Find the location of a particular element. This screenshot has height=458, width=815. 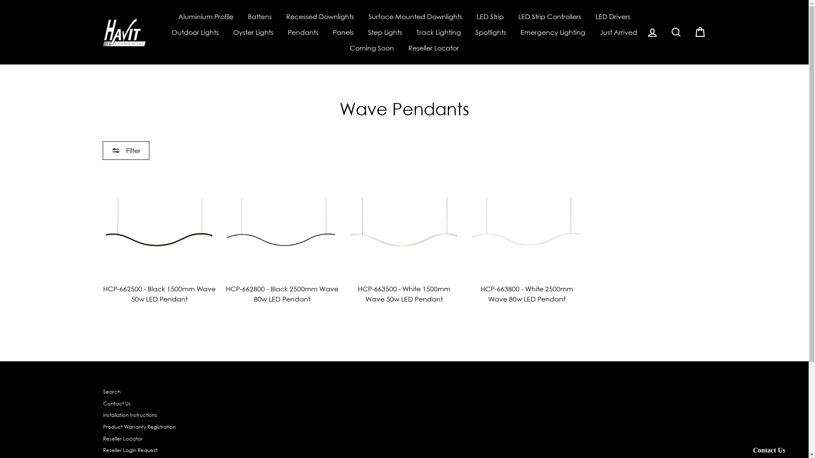

'Surface Mounted Downlights' is located at coordinates (415, 16).